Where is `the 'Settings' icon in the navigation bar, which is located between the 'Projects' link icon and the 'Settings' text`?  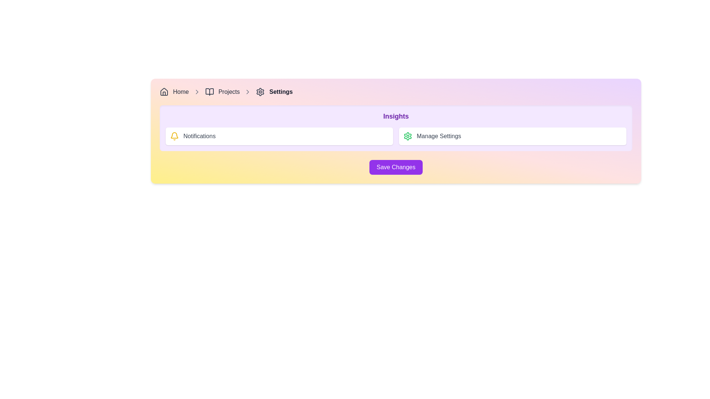 the 'Settings' icon in the navigation bar, which is located between the 'Projects' link icon and the 'Settings' text is located at coordinates (260, 92).